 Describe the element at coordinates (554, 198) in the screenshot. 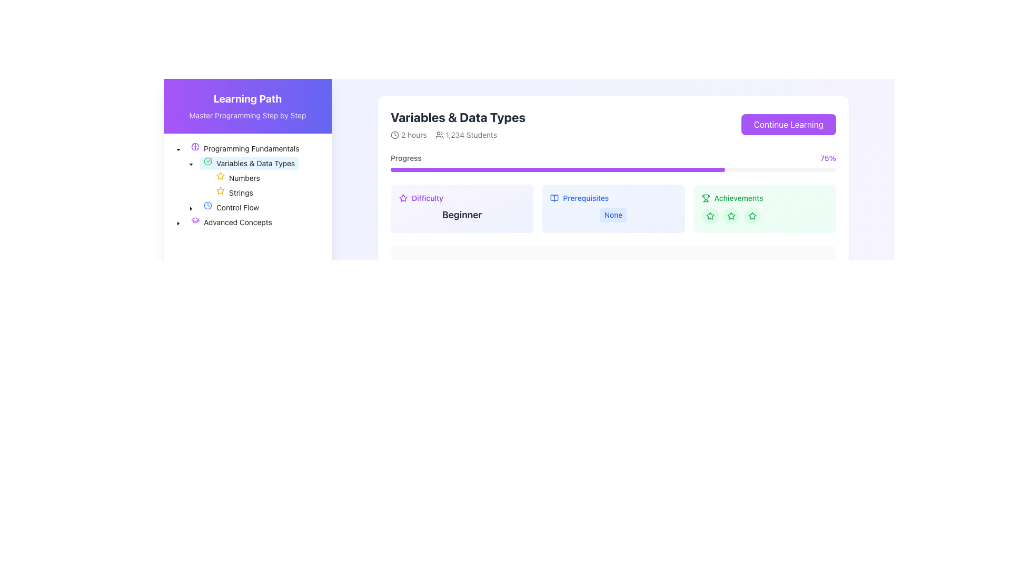

I see `the open book icon located to the left of the 'Prerequisites' text label, which is styled with a thin outline and sharp corners, and fits a minimalist design` at that location.